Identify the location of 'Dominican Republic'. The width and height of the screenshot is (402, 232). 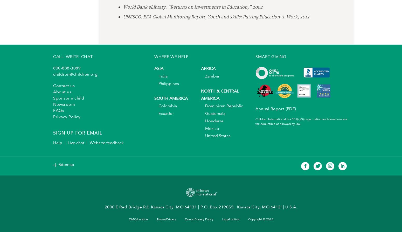
(222, 108).